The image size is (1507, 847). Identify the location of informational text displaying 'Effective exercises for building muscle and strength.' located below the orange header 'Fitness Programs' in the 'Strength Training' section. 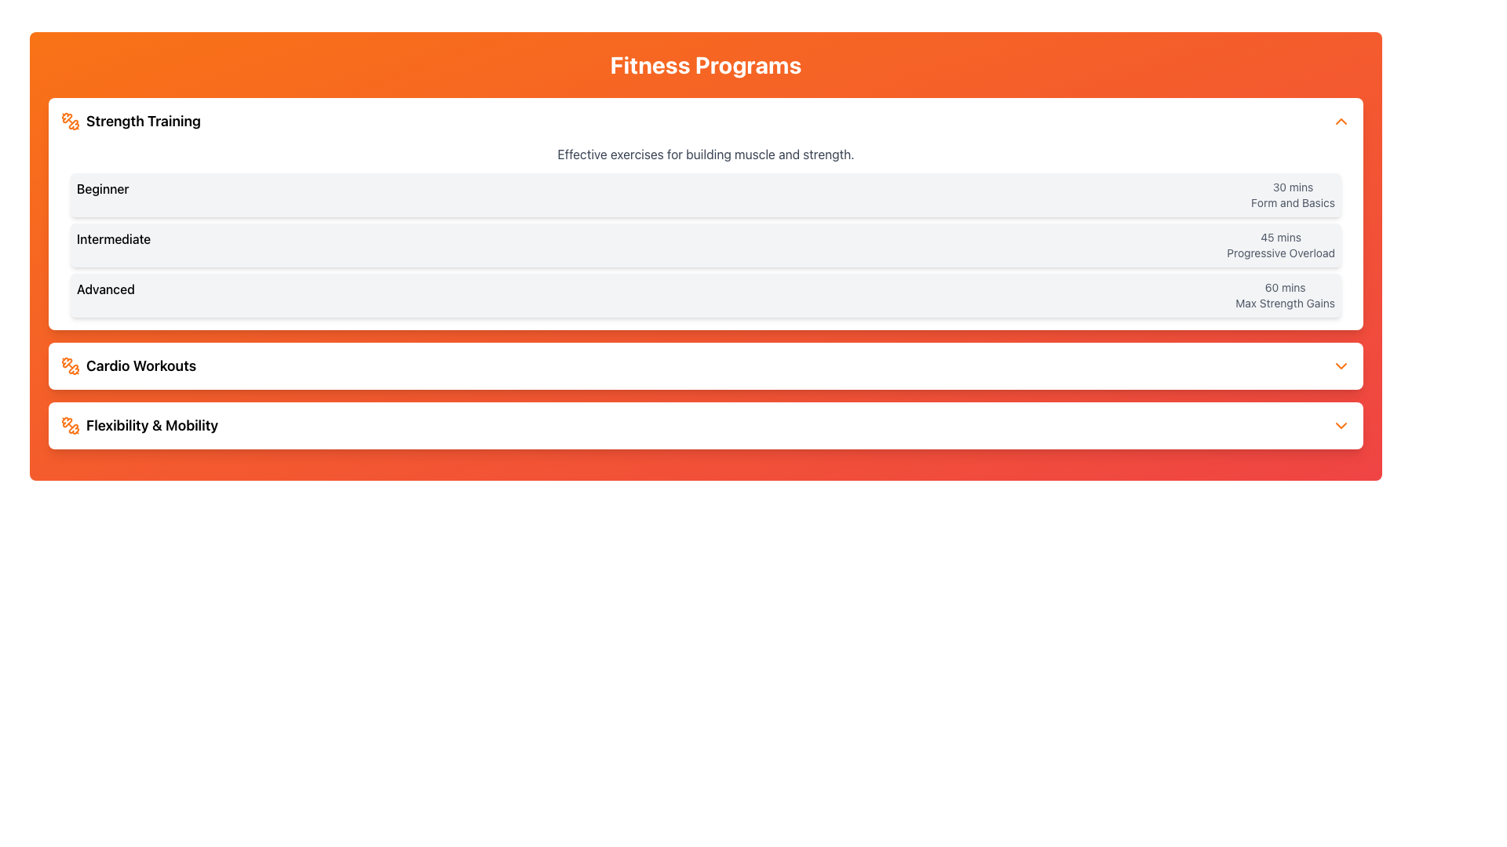
(705, 154).